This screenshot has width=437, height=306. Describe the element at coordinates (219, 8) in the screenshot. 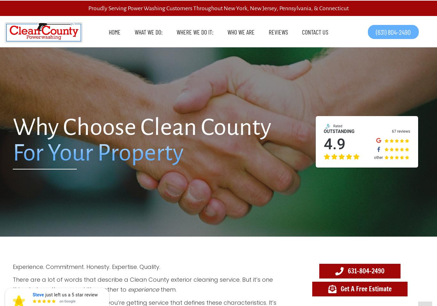

I see `'Proudly Serving Power Washing Customers Throughout New York, New Jersey, Pennsylvania, & Connecticut'` at that location.